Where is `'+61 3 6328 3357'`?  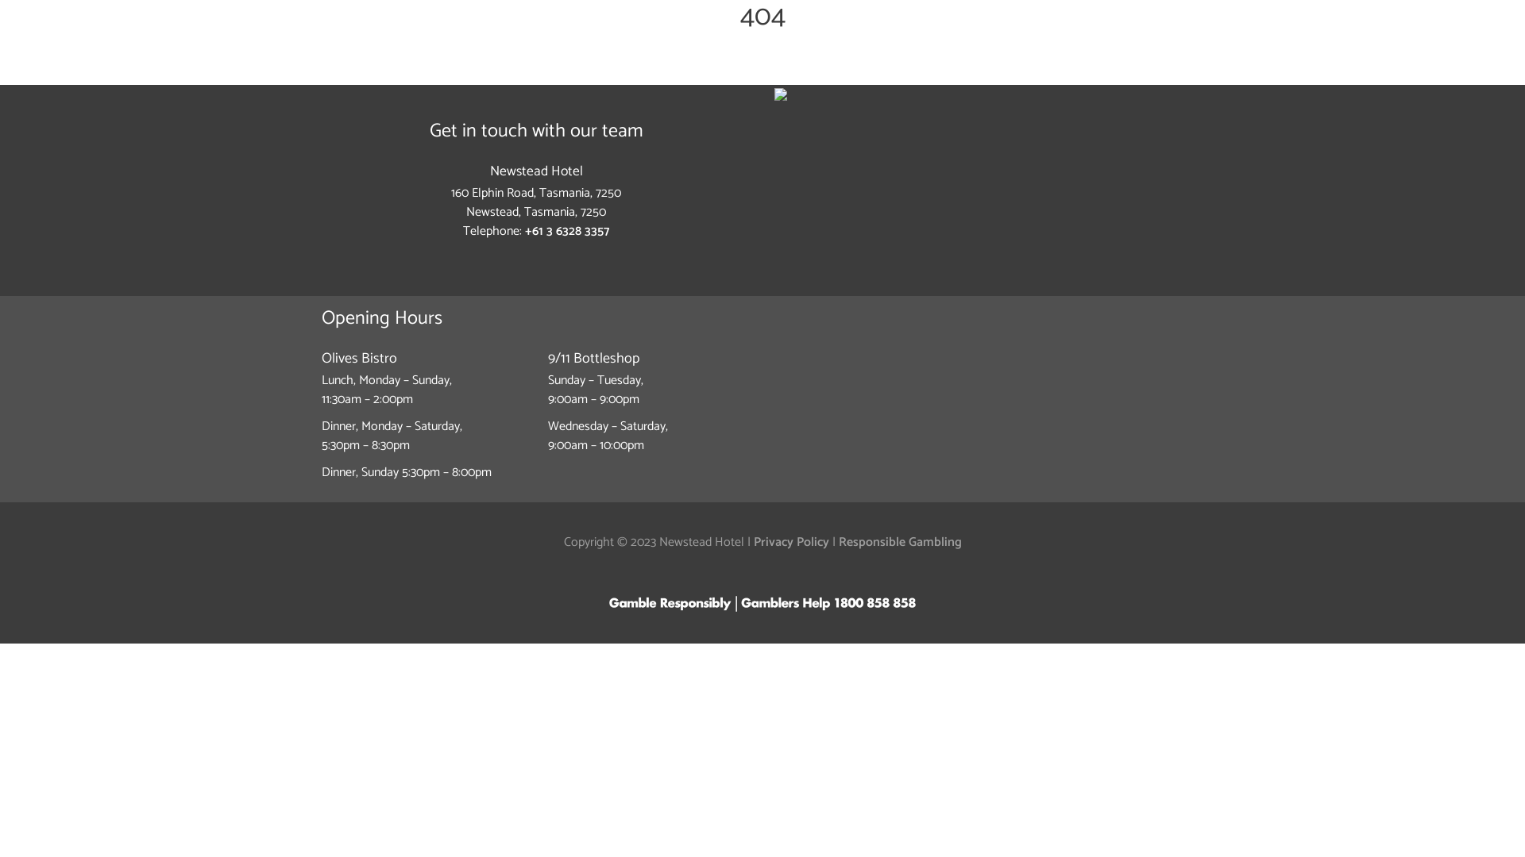
'+61 3 6328 3357' is located at coordinates (525, 231).